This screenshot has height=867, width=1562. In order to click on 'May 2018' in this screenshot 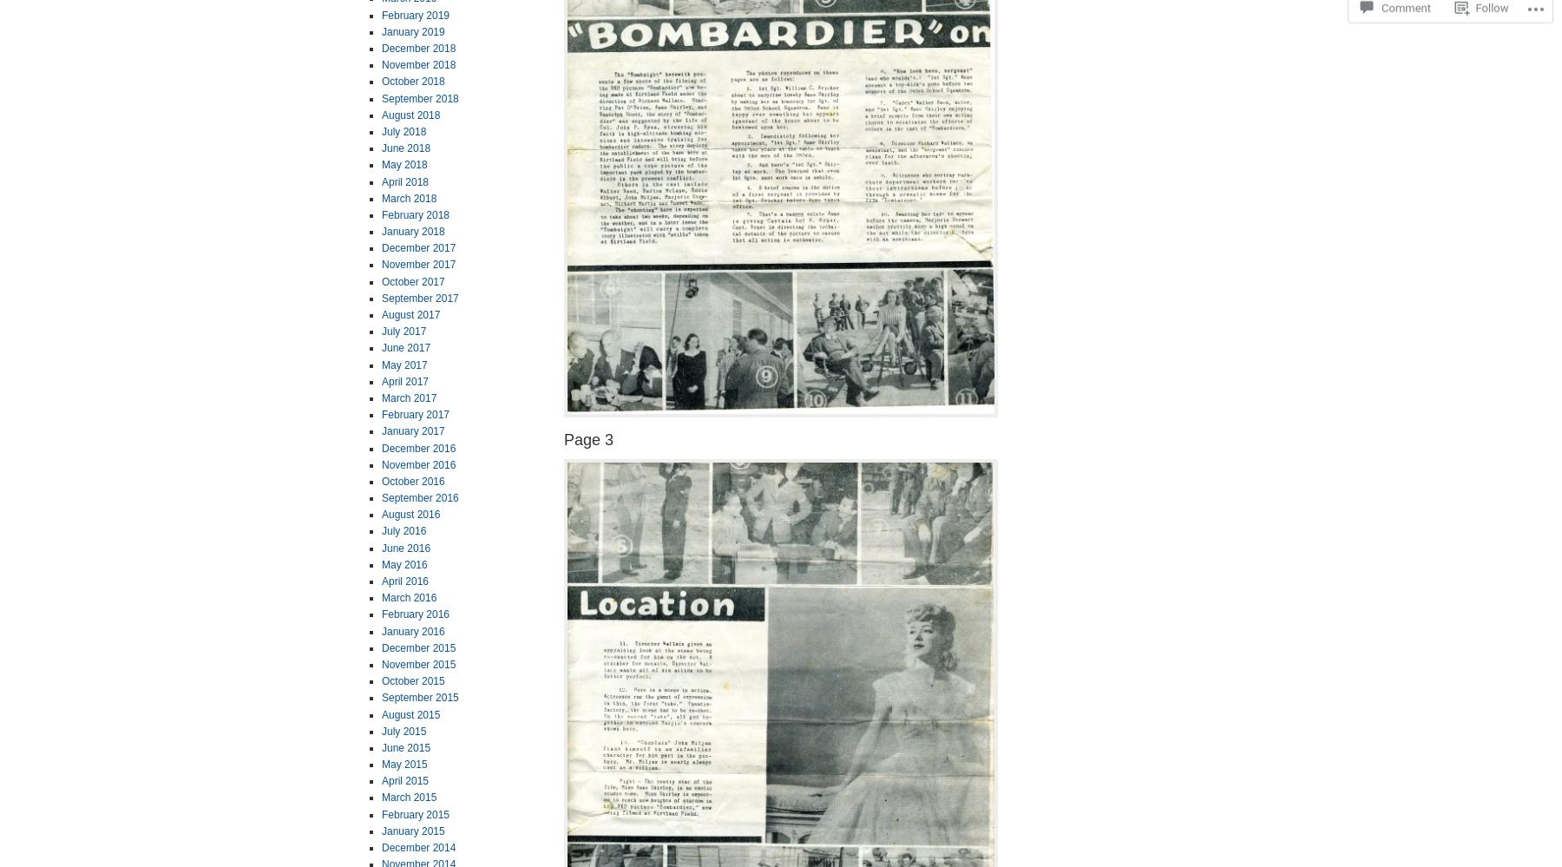, I will do `click(404, 164)`.